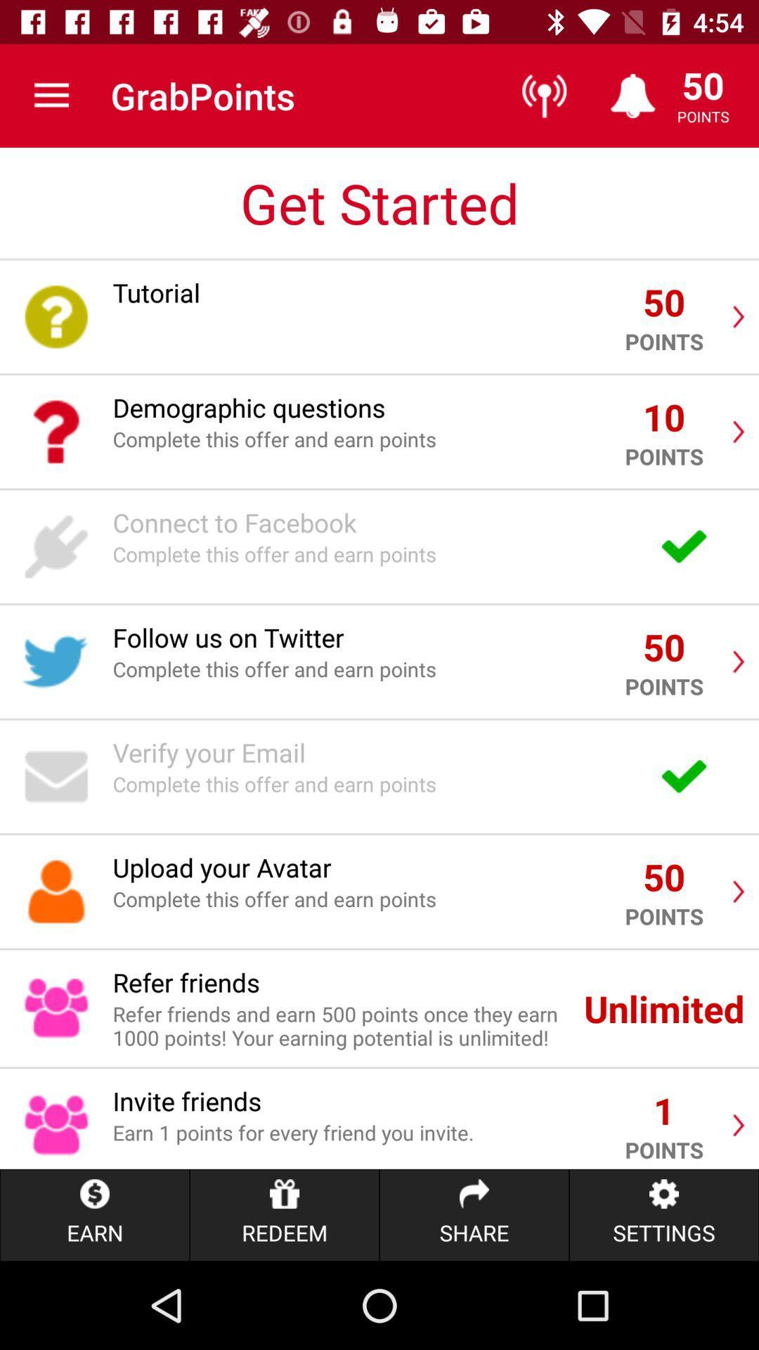 The width and height of the screenshot is (759, 1350). What do you see at coordinates (474, 1214) in the screenshot?
I see `icon next to redeem icon` at bounding box center [474, 1214].